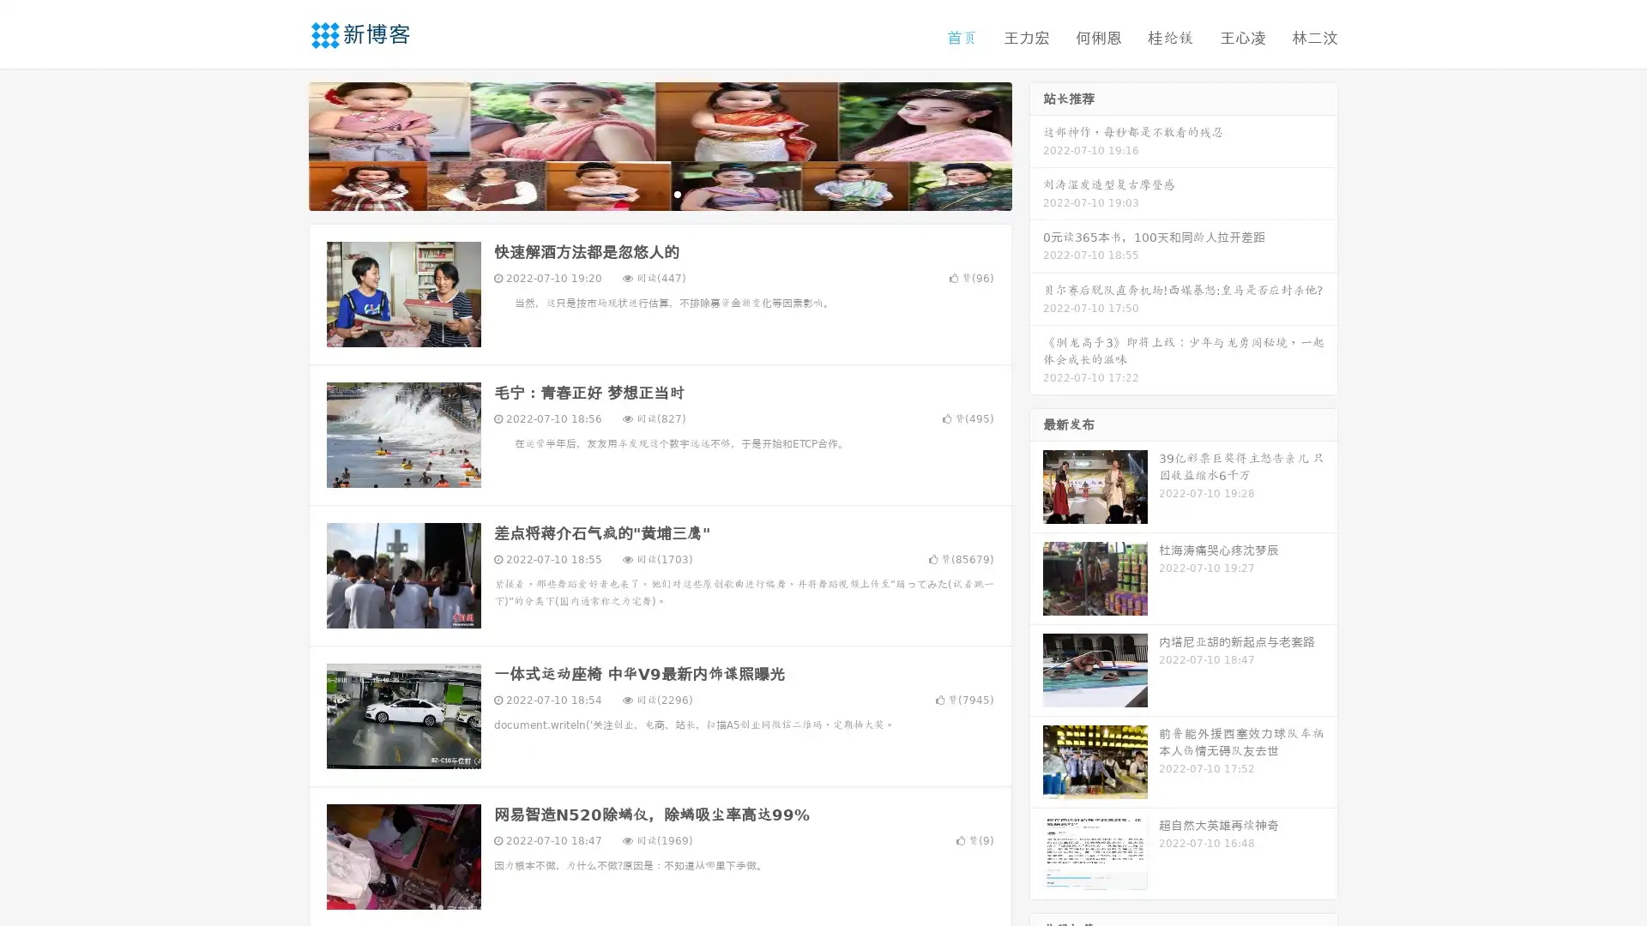 This screenshot has height=926, width=1647. I want to click on Next slide, so click(1036, 144).